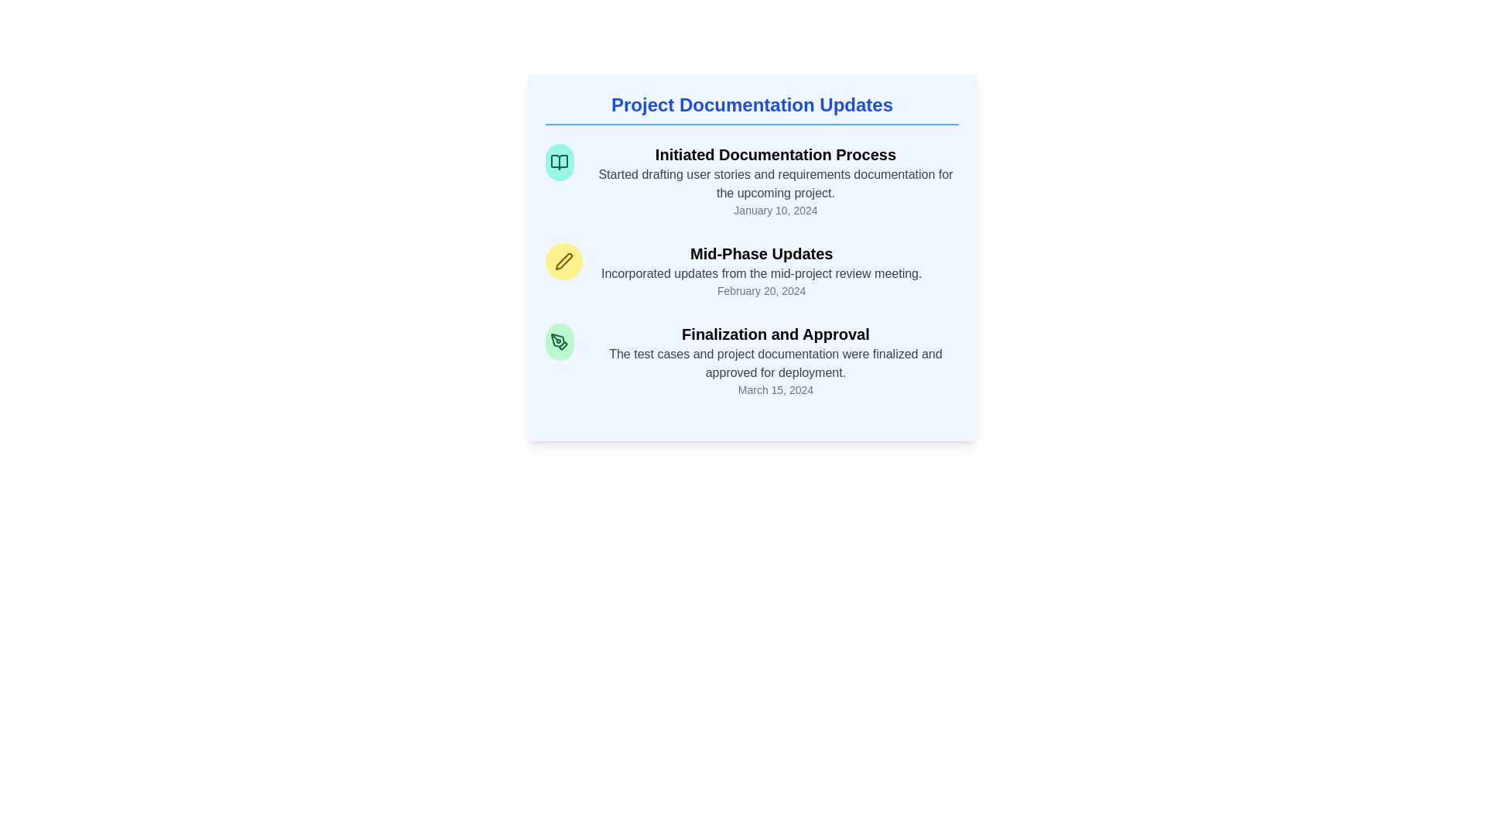 This screenshot has height=836, width=1486. I want to click on the 'Project Documentation Updates' header located at the top of the blue-themed documentation panel, so click(752, 108).